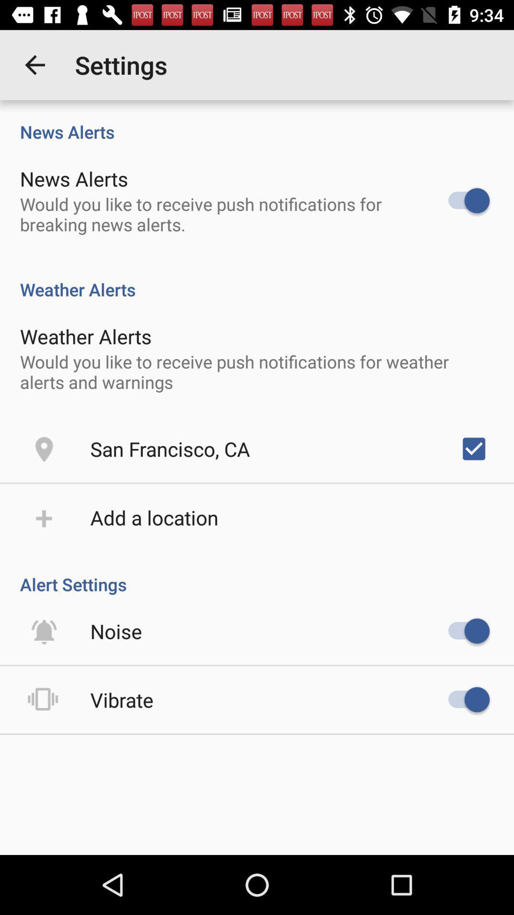 The height and width of the screenshot is (915, 514). What do you see at coordinates (116, 631) in the screenshot?
I see `icon above the vibrate item` at bounding box center [116, 631].